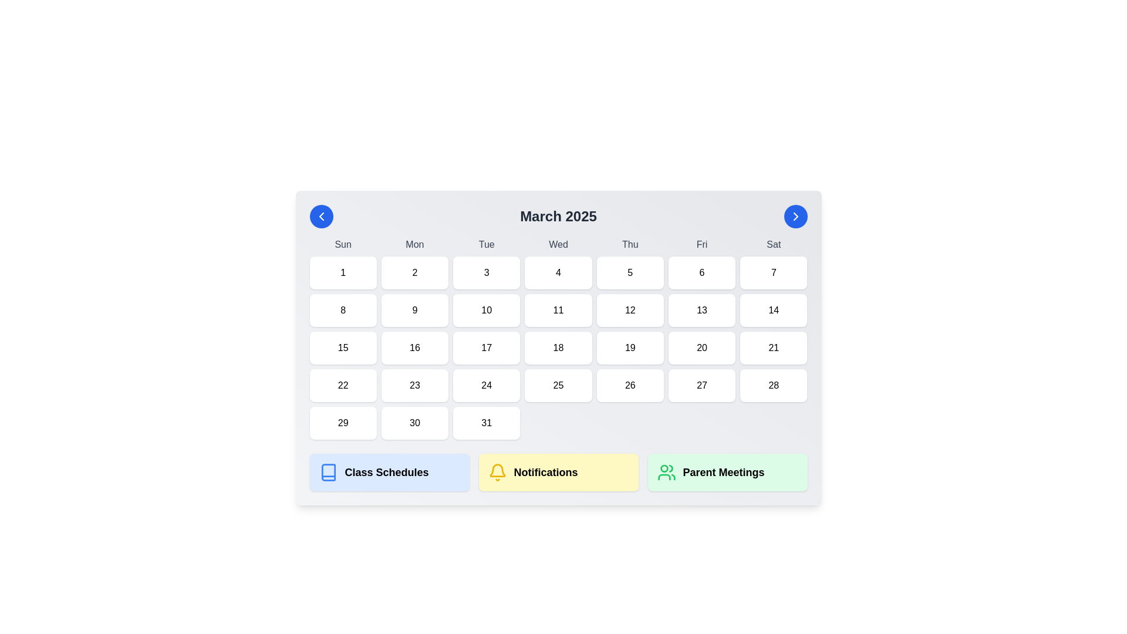  I want to click on the calendar date cell displaying the number '21', which is located in the sixth row and seventh column of the calendar layout, so click(774, 348).